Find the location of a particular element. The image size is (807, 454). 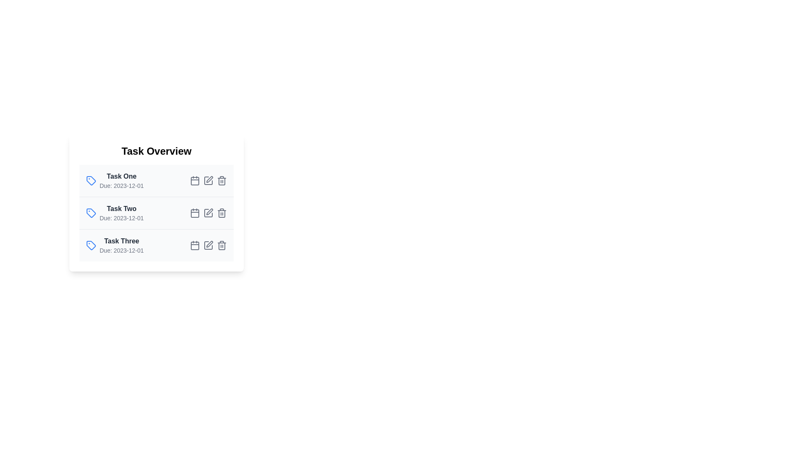

the descriptive text area of the task named 'Task Two' which shows the due date of 2023-12-01, located in the 'Task Overview' list is located at coordinates (114, 212).